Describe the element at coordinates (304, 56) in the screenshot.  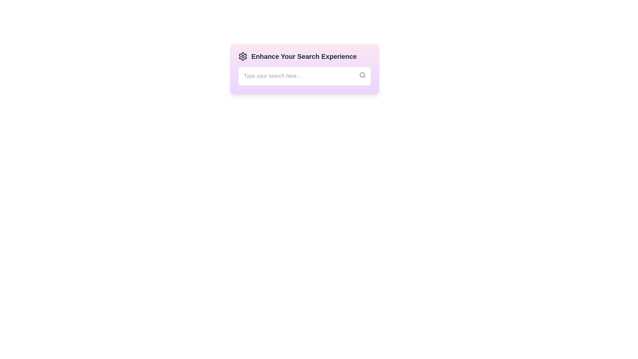
I see `the text label that reads 'Enhance Your Search Experience', which is styled with a bold, large font in dark gray color, located at the upper section of a rounded card component` at that location.